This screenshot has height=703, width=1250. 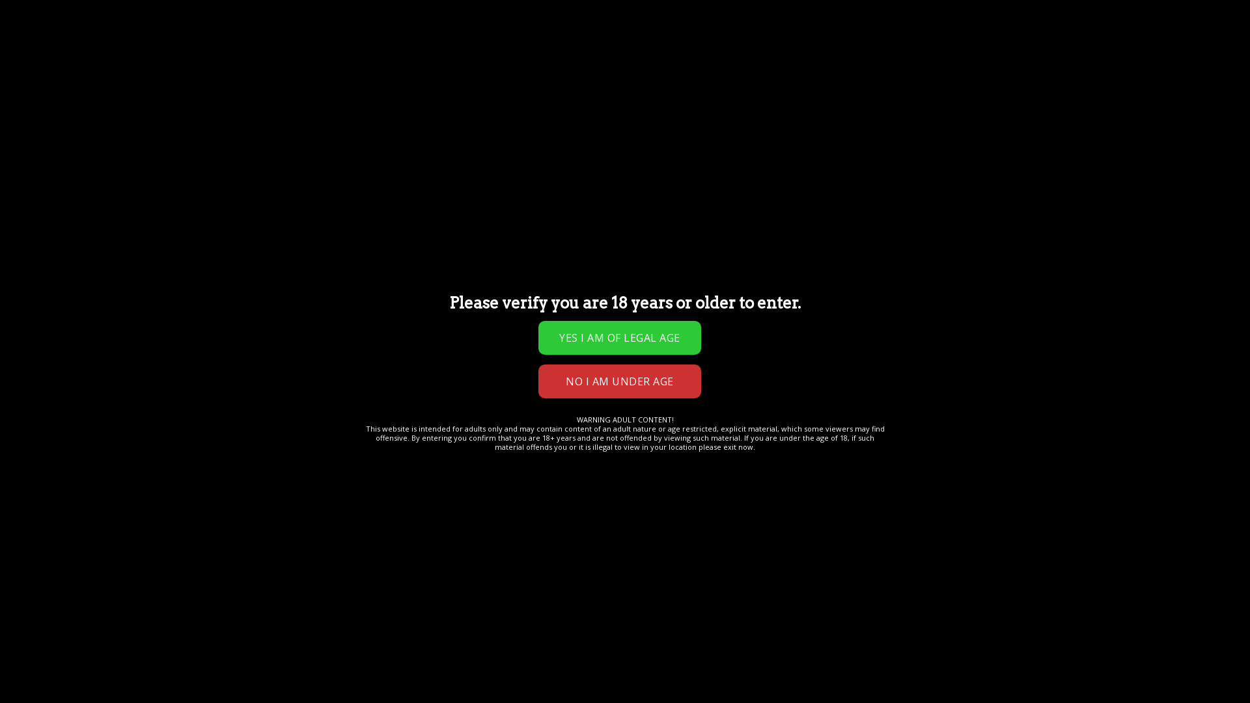 I want to click on 'EXTRACTION', so click(x=169, y=72).